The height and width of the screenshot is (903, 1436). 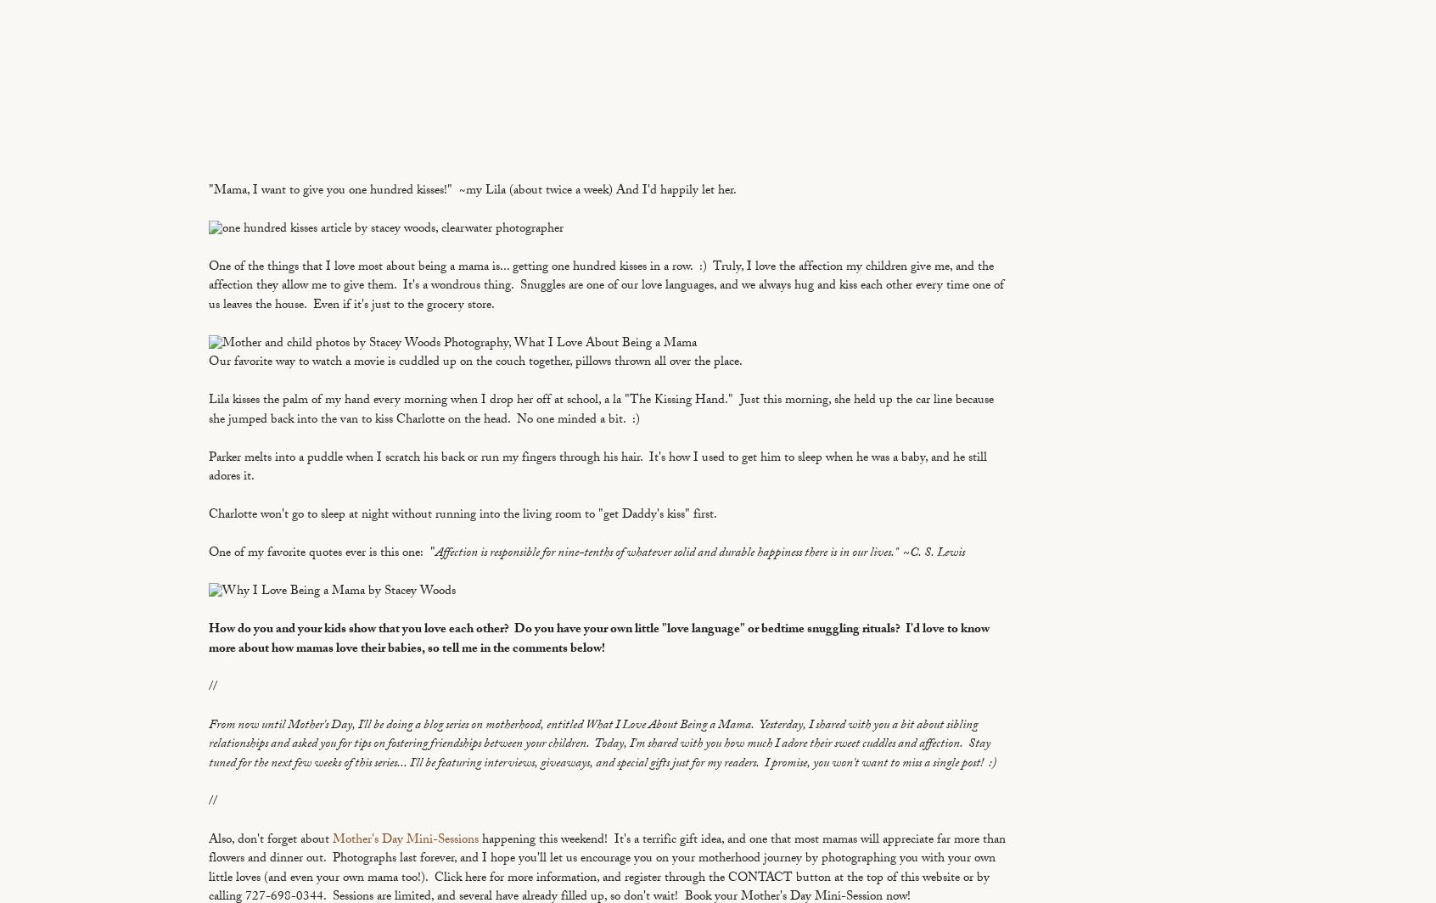 What do you see at coordinates (209, 191) in the screenshot?
I see `'"Mama, I want to give you one hundred kisses!"  ~my Lila (about twice a week)
And I'd happily let her.'` at bounding box center [209, 191].